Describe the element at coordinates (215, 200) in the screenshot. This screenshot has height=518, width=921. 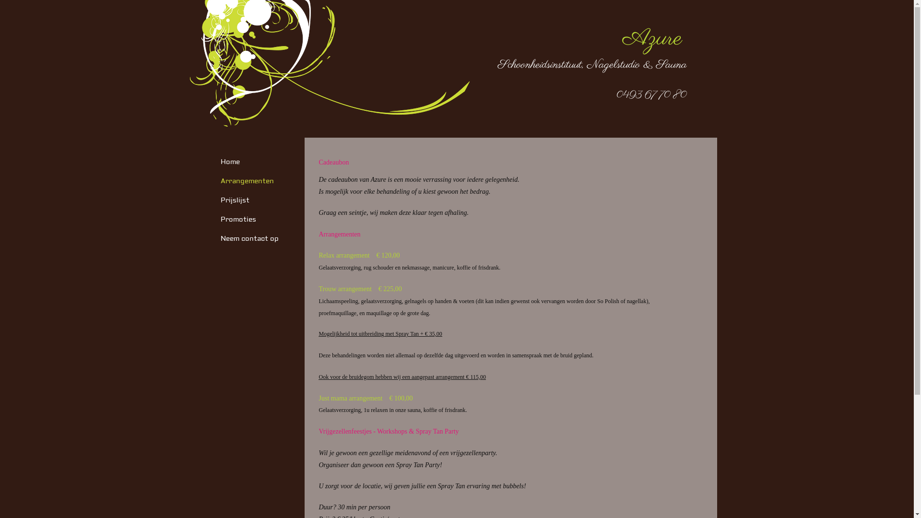
I see `'Prijslijst'` at that location.